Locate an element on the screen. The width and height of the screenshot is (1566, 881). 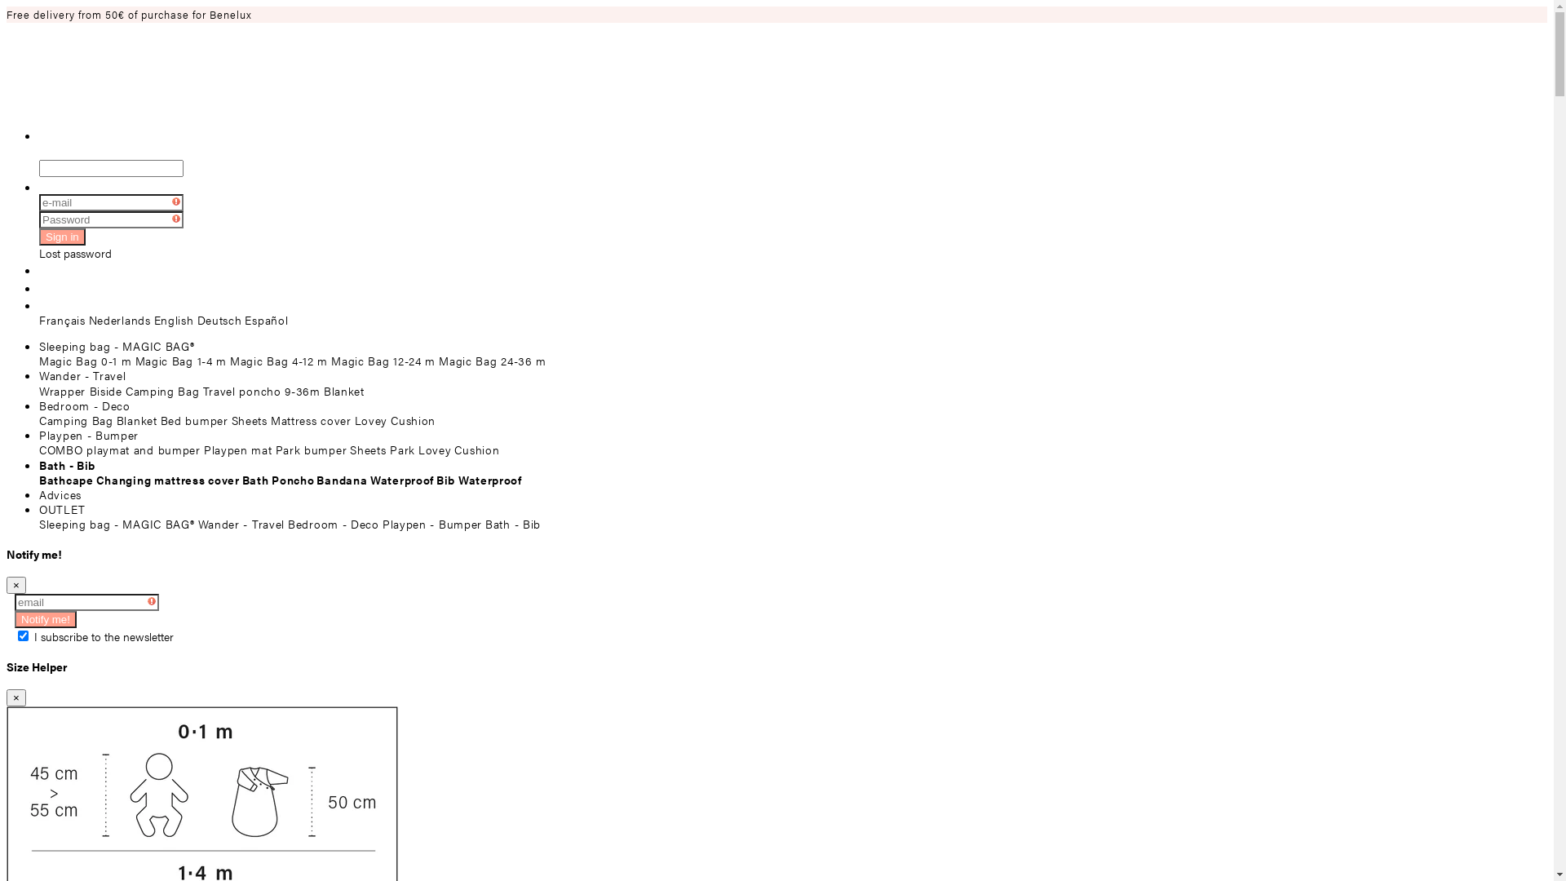
'Park bumper' is located at coordinates (312, 449).